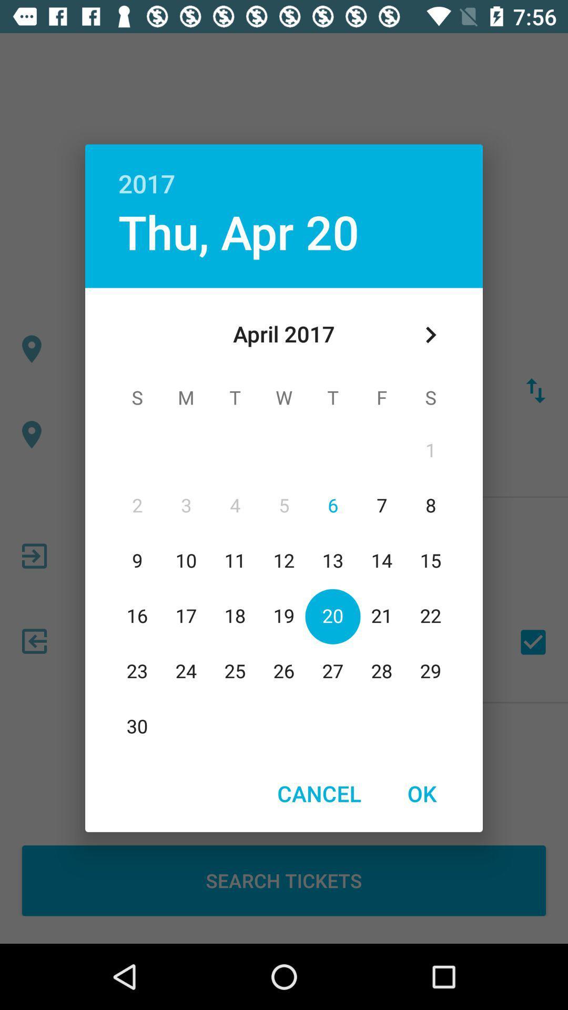  Describe the element at coordinates (319, 793) in the screenshot. I see `the cancel` at that location.